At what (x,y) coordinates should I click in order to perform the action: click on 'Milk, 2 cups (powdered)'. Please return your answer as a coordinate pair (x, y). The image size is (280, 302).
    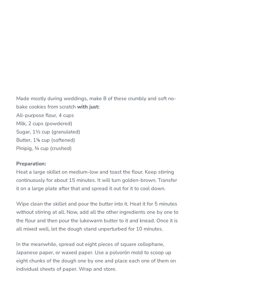
    Looking at the image, I should click on (44, 123).